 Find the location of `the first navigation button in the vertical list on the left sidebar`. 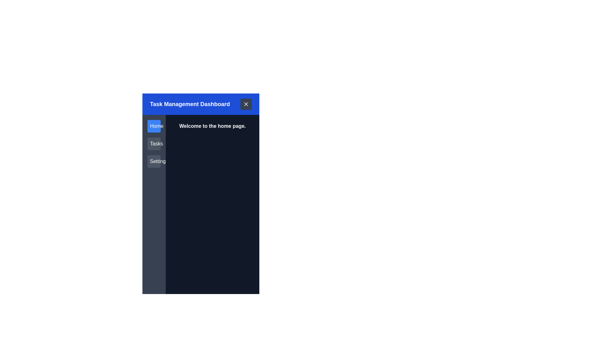

the first navigation button in the vertical list on the left sidebar is located at coordinates (154, 126).